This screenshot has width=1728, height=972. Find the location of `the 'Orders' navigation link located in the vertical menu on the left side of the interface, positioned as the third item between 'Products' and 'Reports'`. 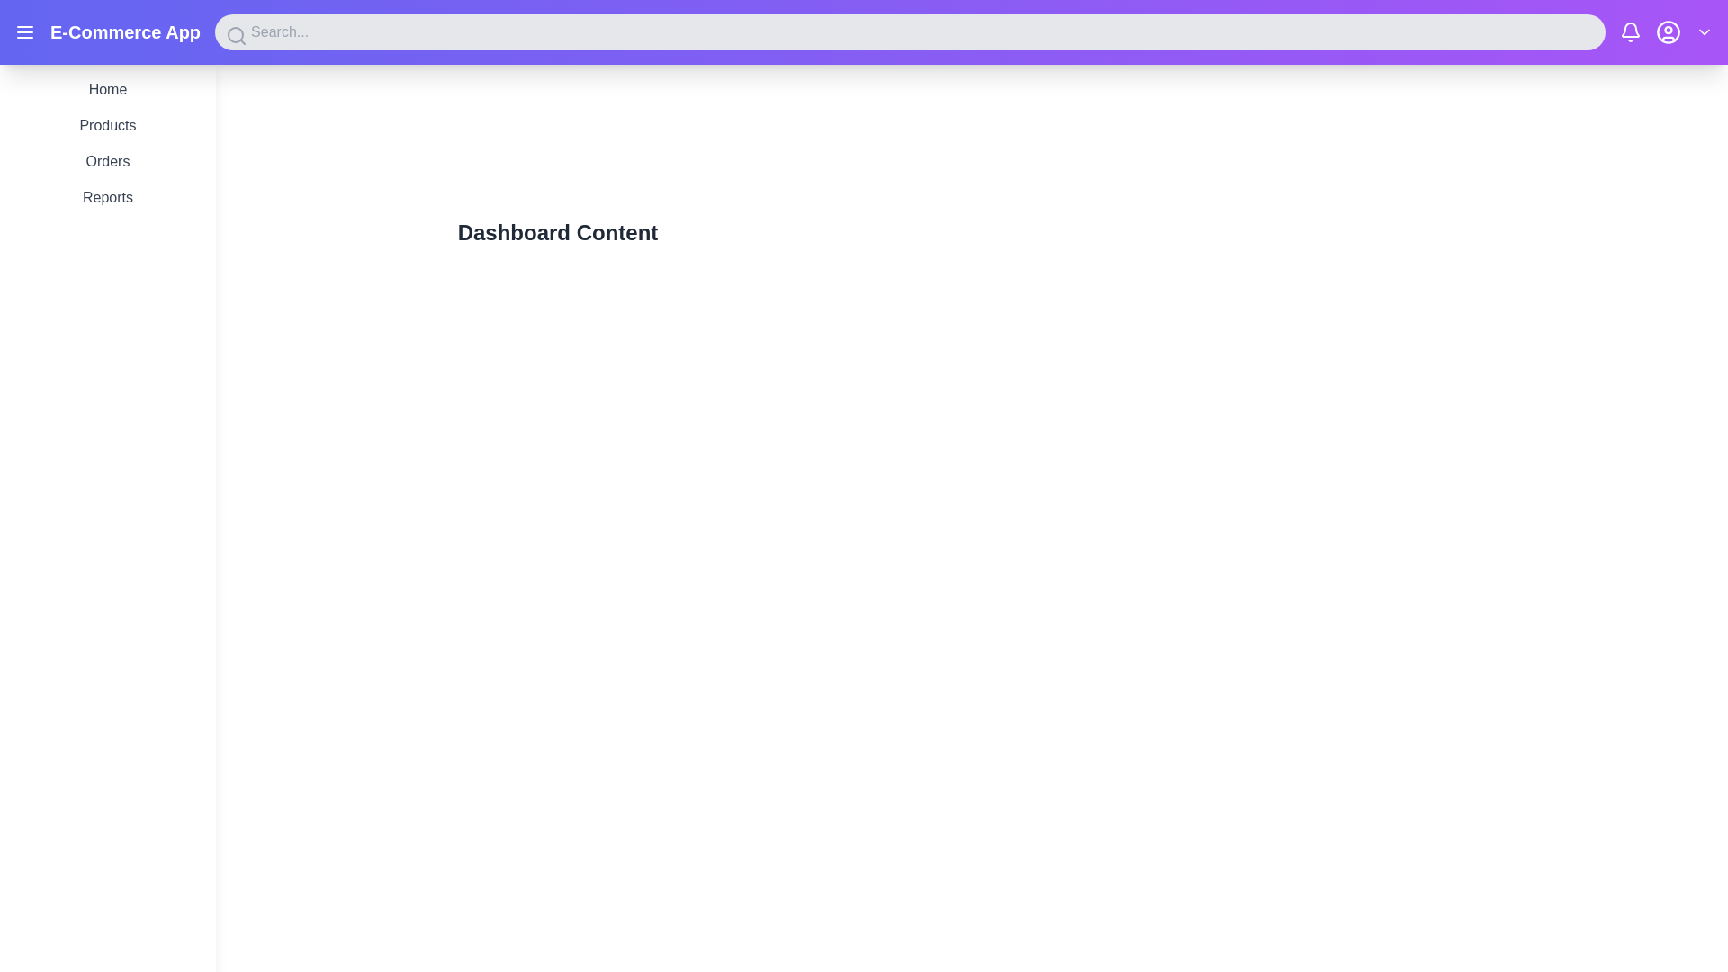

the 'Orders' navigation link located in the vertical menu on the left side of the interface, positioned as the third item between 'Products' and 'Reports' is located at coordinates (107, 162).